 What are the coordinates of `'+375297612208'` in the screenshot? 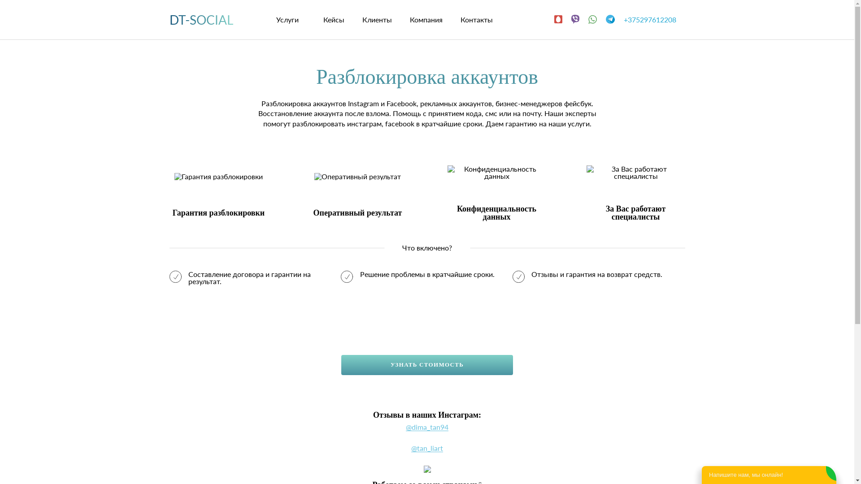 It's located at (654, 19).